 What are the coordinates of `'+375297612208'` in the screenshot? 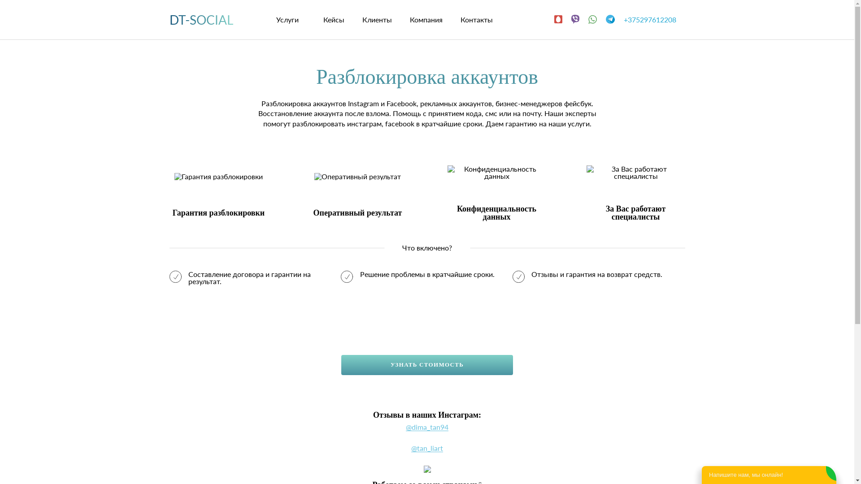 It's located at (654, 19).